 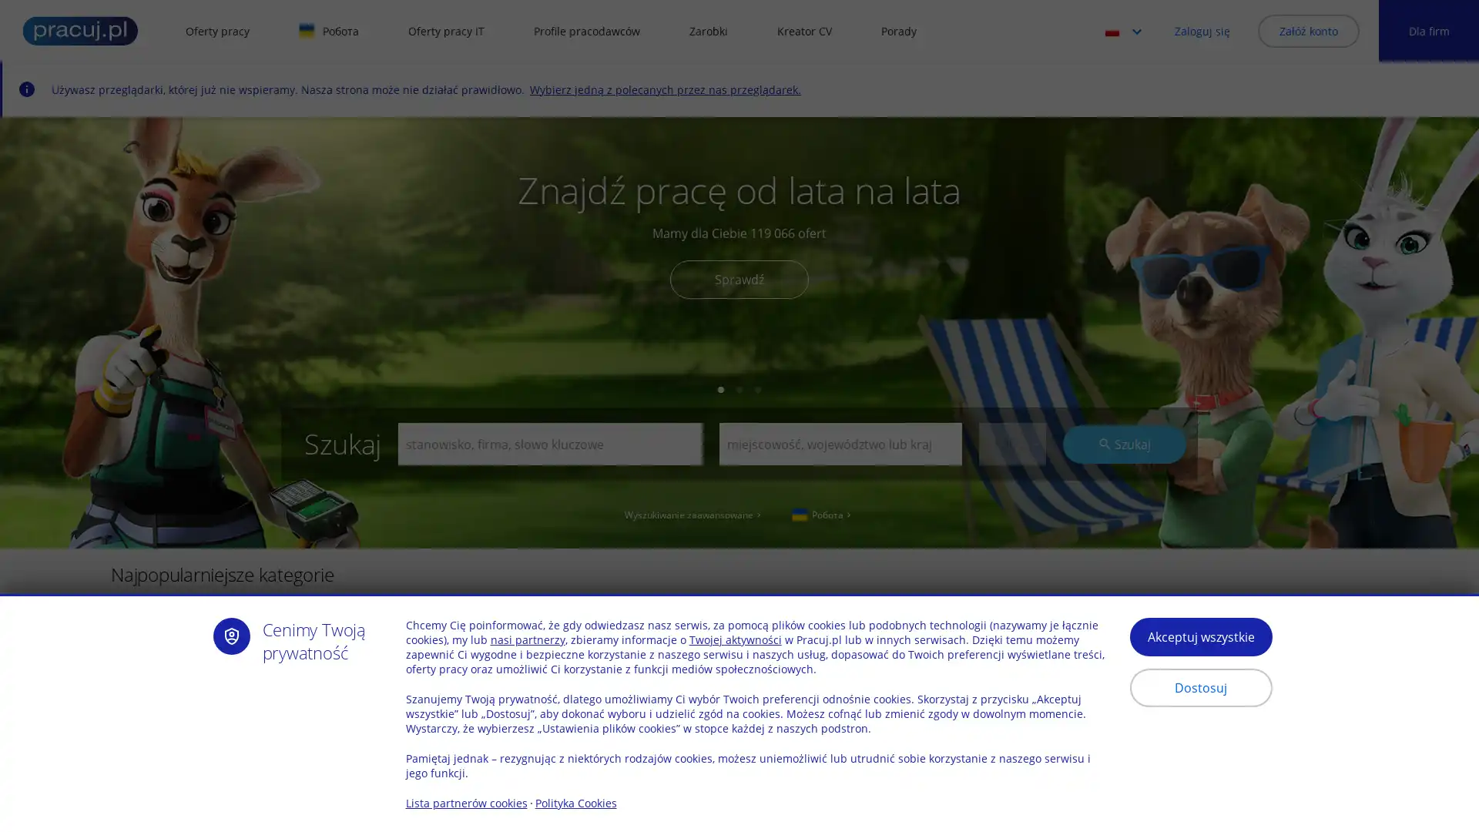 What do you see at coordinates (1011, 753) in the screenshot?
I see `+ 100 km` at bounding box center [1011, 753].